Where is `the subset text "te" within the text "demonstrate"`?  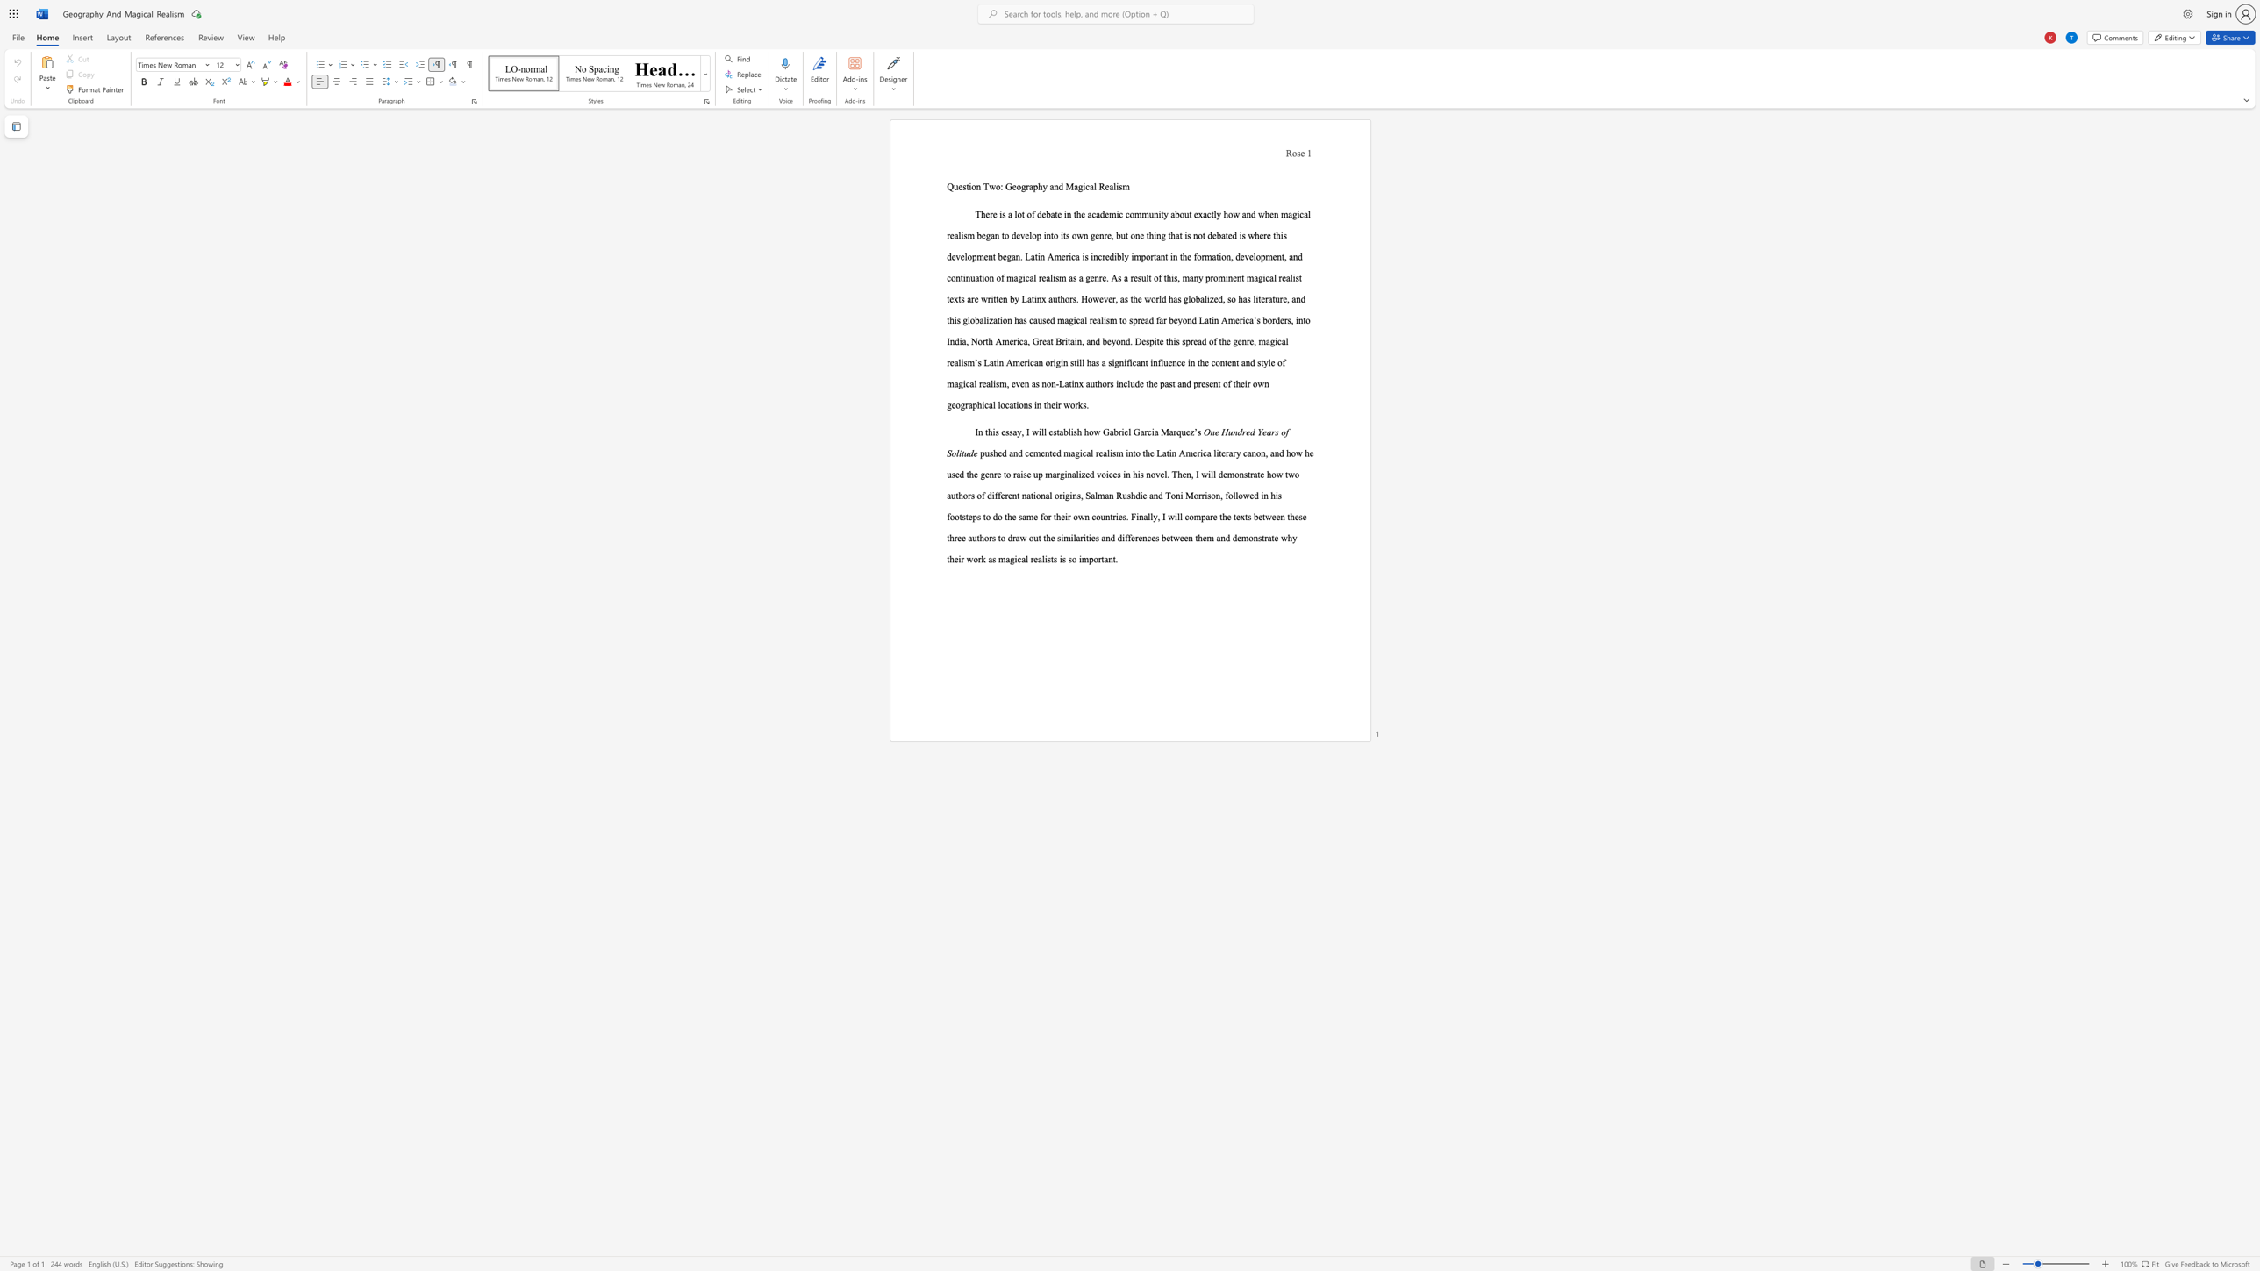
the subset text "te" within the text "demonstrate" is located at coordinates (1270, 538).